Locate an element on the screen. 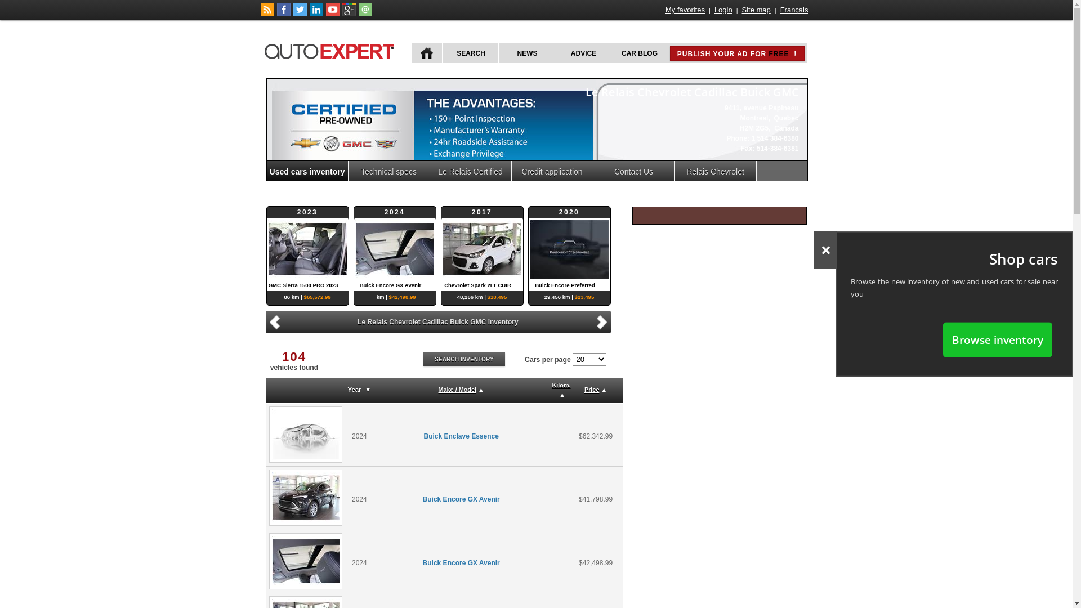 This screenshot has width=1081, height=608. 'Follow autoExpert.ca on Facebook' is located at coordinates (276, 14).